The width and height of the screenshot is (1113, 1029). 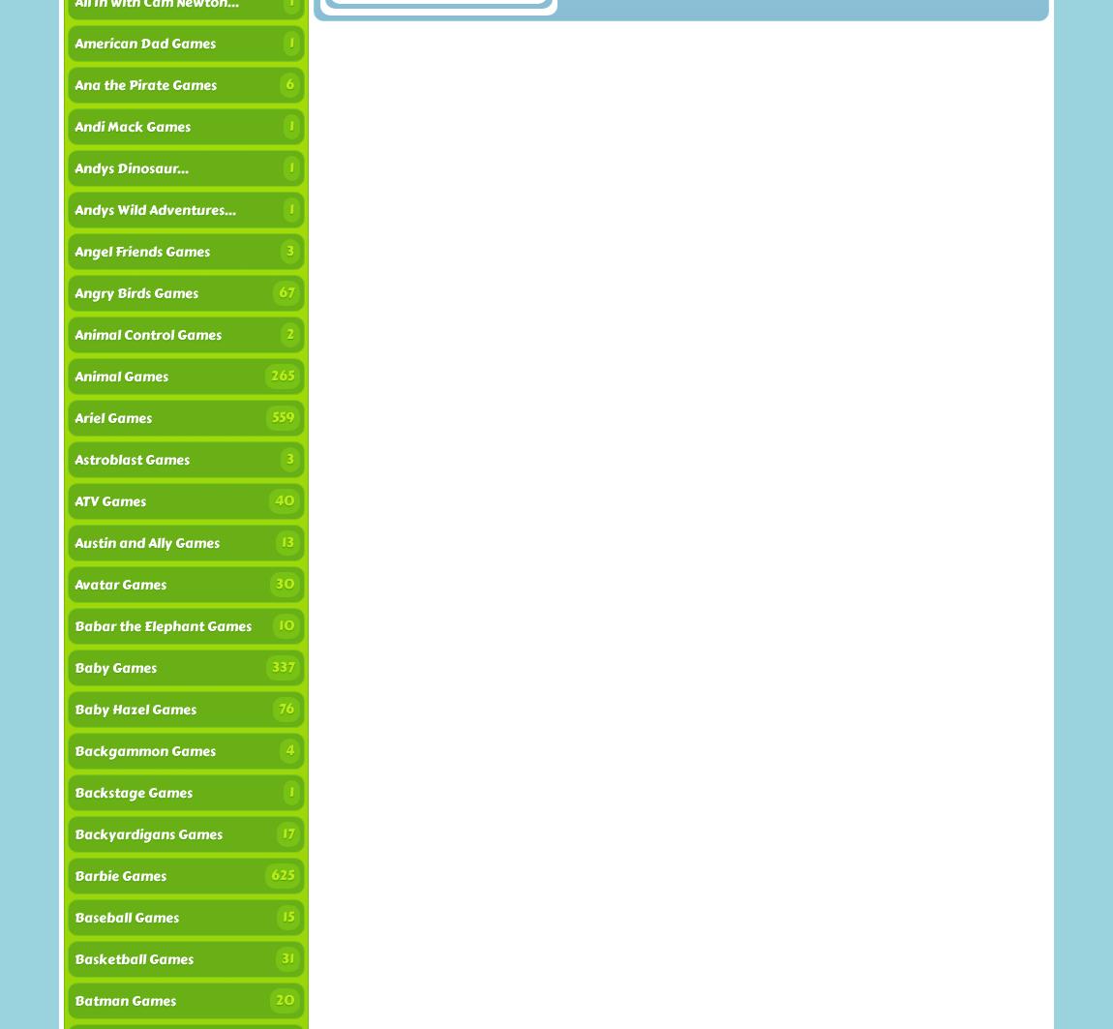 I want to click on 'Babar the Elephant Games', so click(x=74, y=625).